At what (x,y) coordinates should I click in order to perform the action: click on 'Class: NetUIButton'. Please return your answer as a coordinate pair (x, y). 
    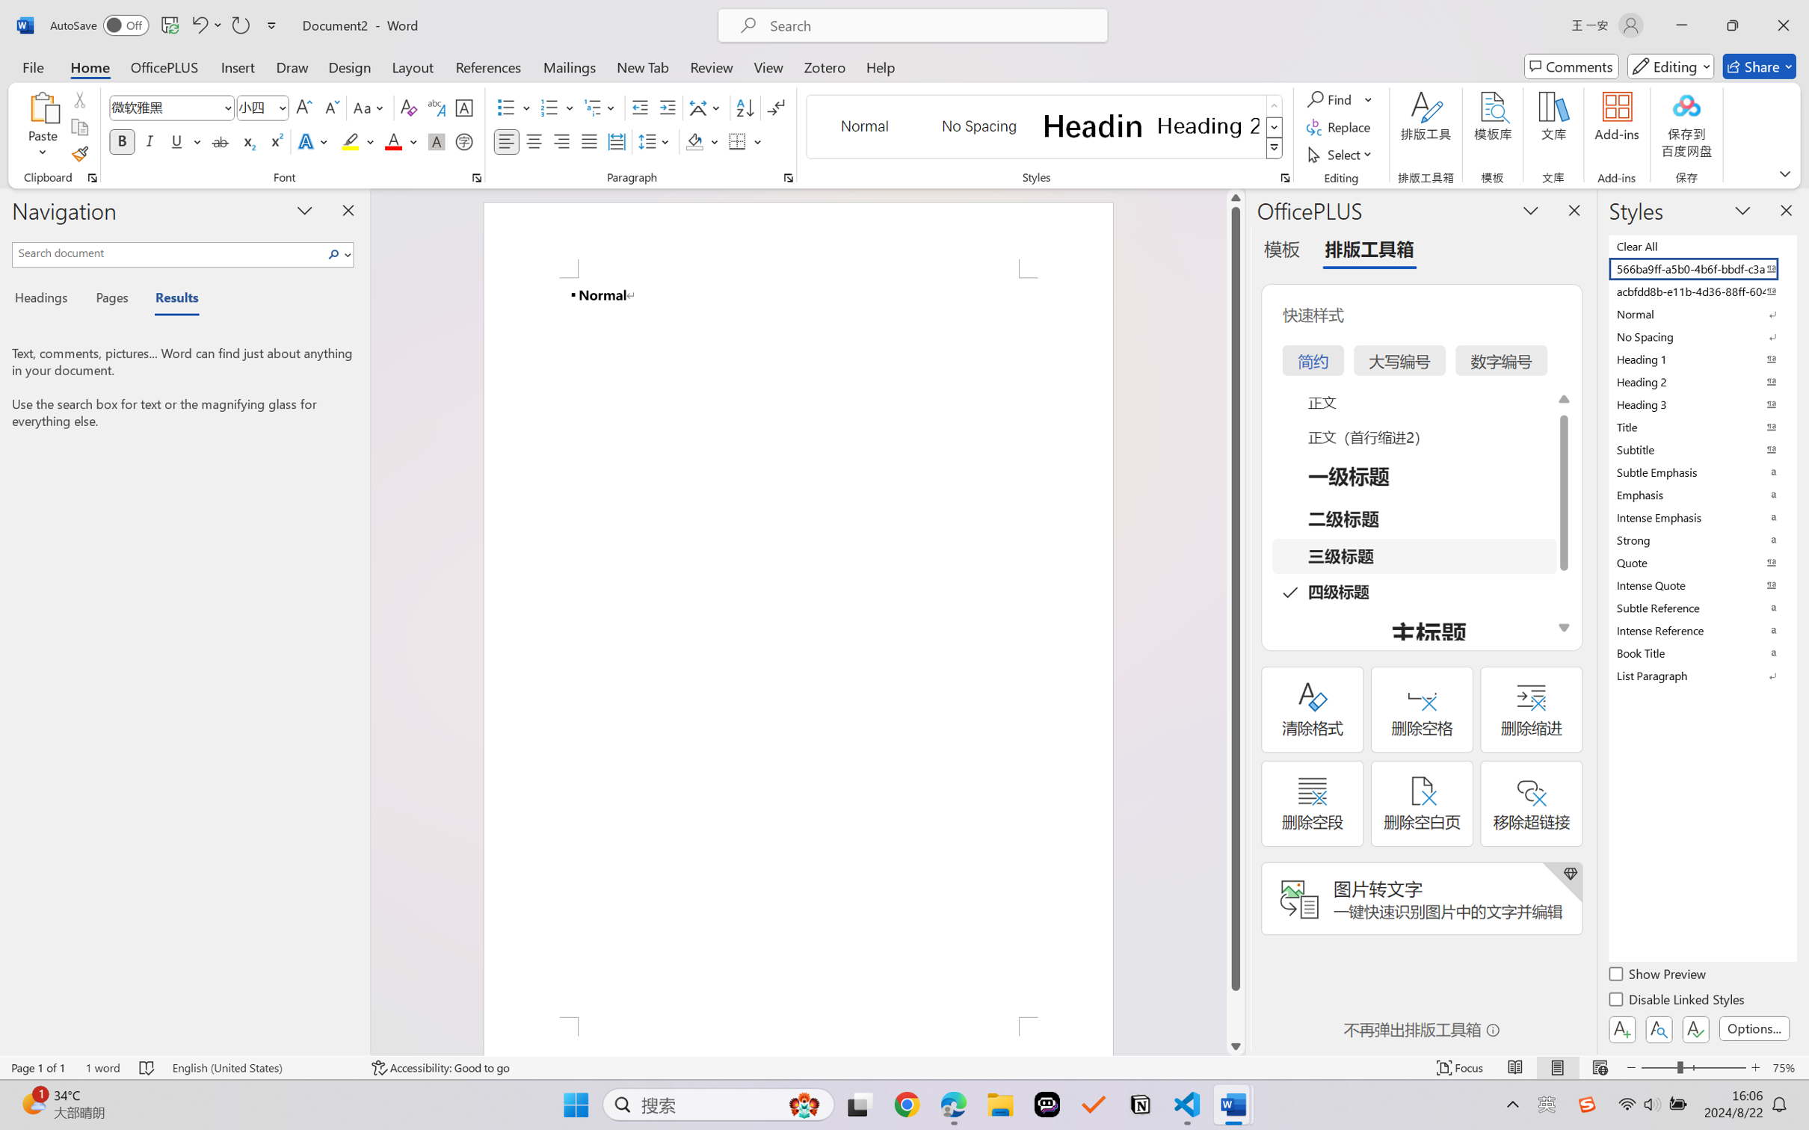
    Looking at the image, I should click on (1696, 1028).